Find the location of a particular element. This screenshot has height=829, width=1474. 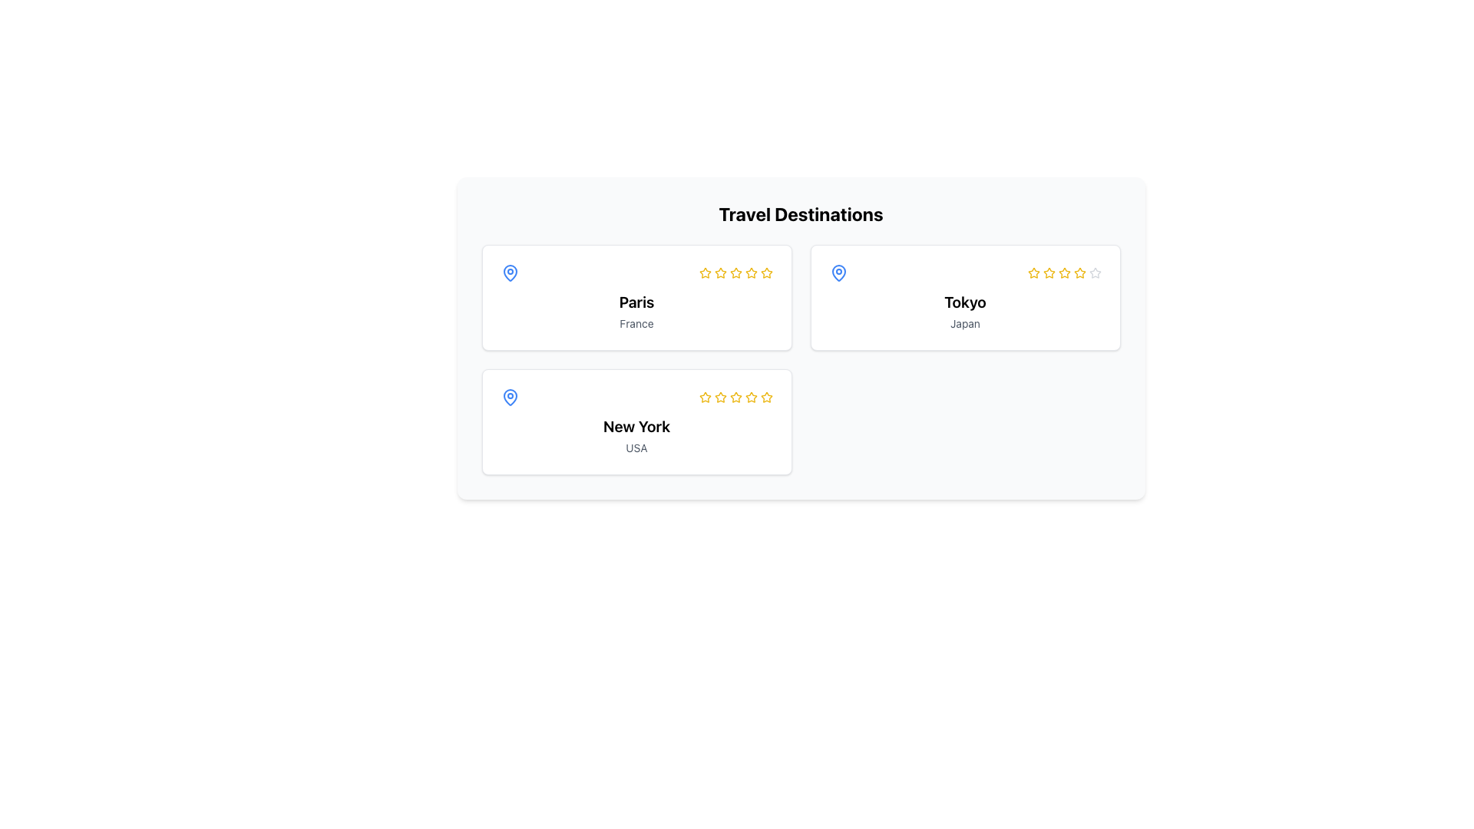

the third star in the five-star rating component to rate it is located at coordinates (1063, 272).